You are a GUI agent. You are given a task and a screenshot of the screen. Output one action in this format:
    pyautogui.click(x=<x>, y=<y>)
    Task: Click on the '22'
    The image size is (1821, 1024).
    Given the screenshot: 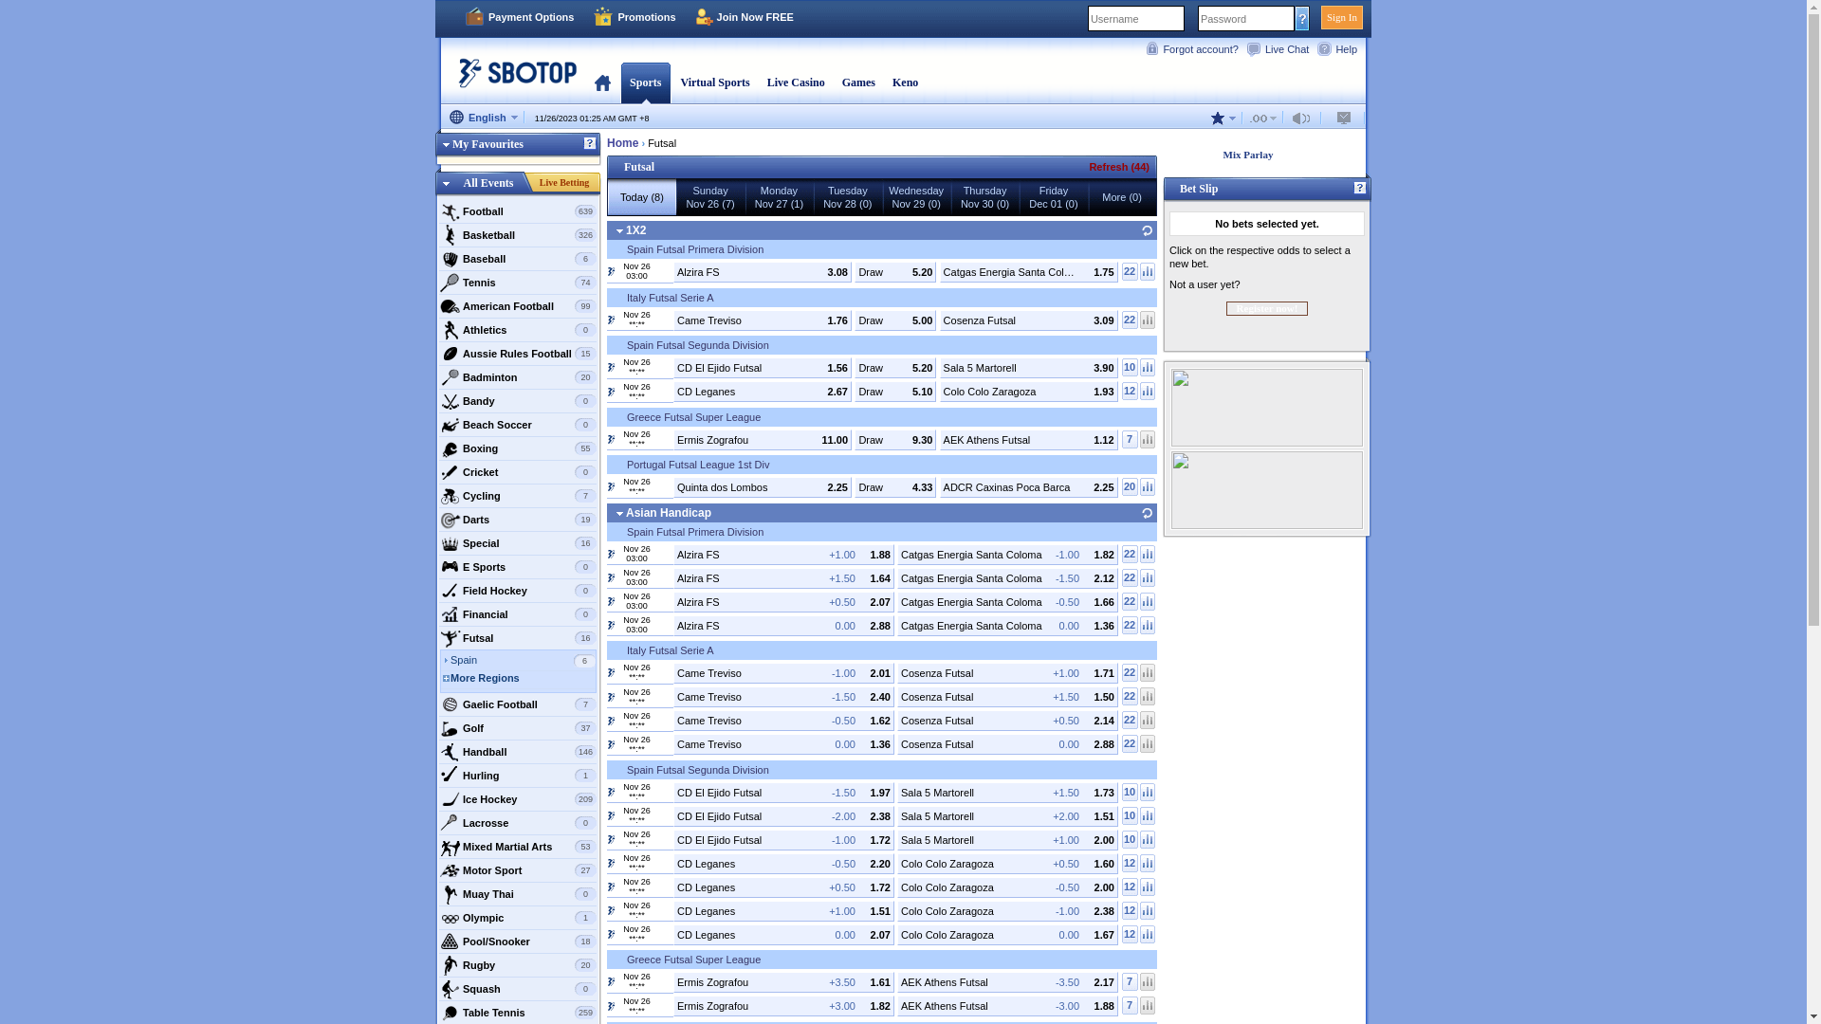 What is the action you would take?
    pyautogui.click(x=1121, y=553)
    